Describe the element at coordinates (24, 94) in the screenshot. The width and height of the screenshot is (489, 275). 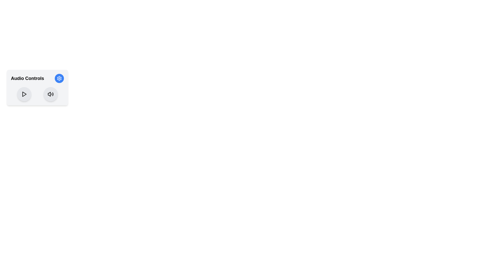
I see `the triangular 'Play' icon within the circular button in the lower left corner of the 'Audio Controls' section` at that location.